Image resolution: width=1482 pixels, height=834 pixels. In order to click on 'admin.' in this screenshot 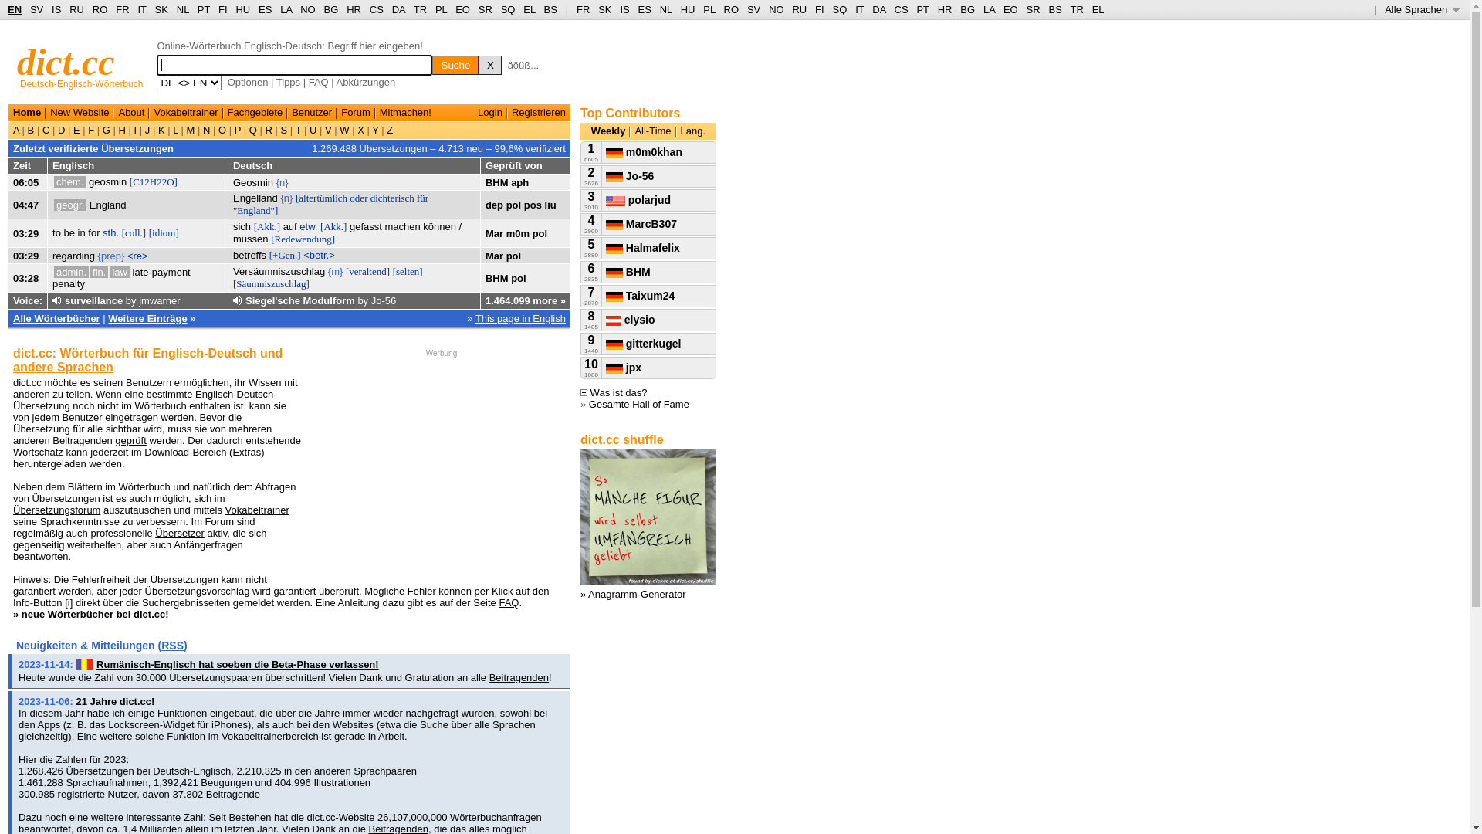, I will do `click(70, 271)`.